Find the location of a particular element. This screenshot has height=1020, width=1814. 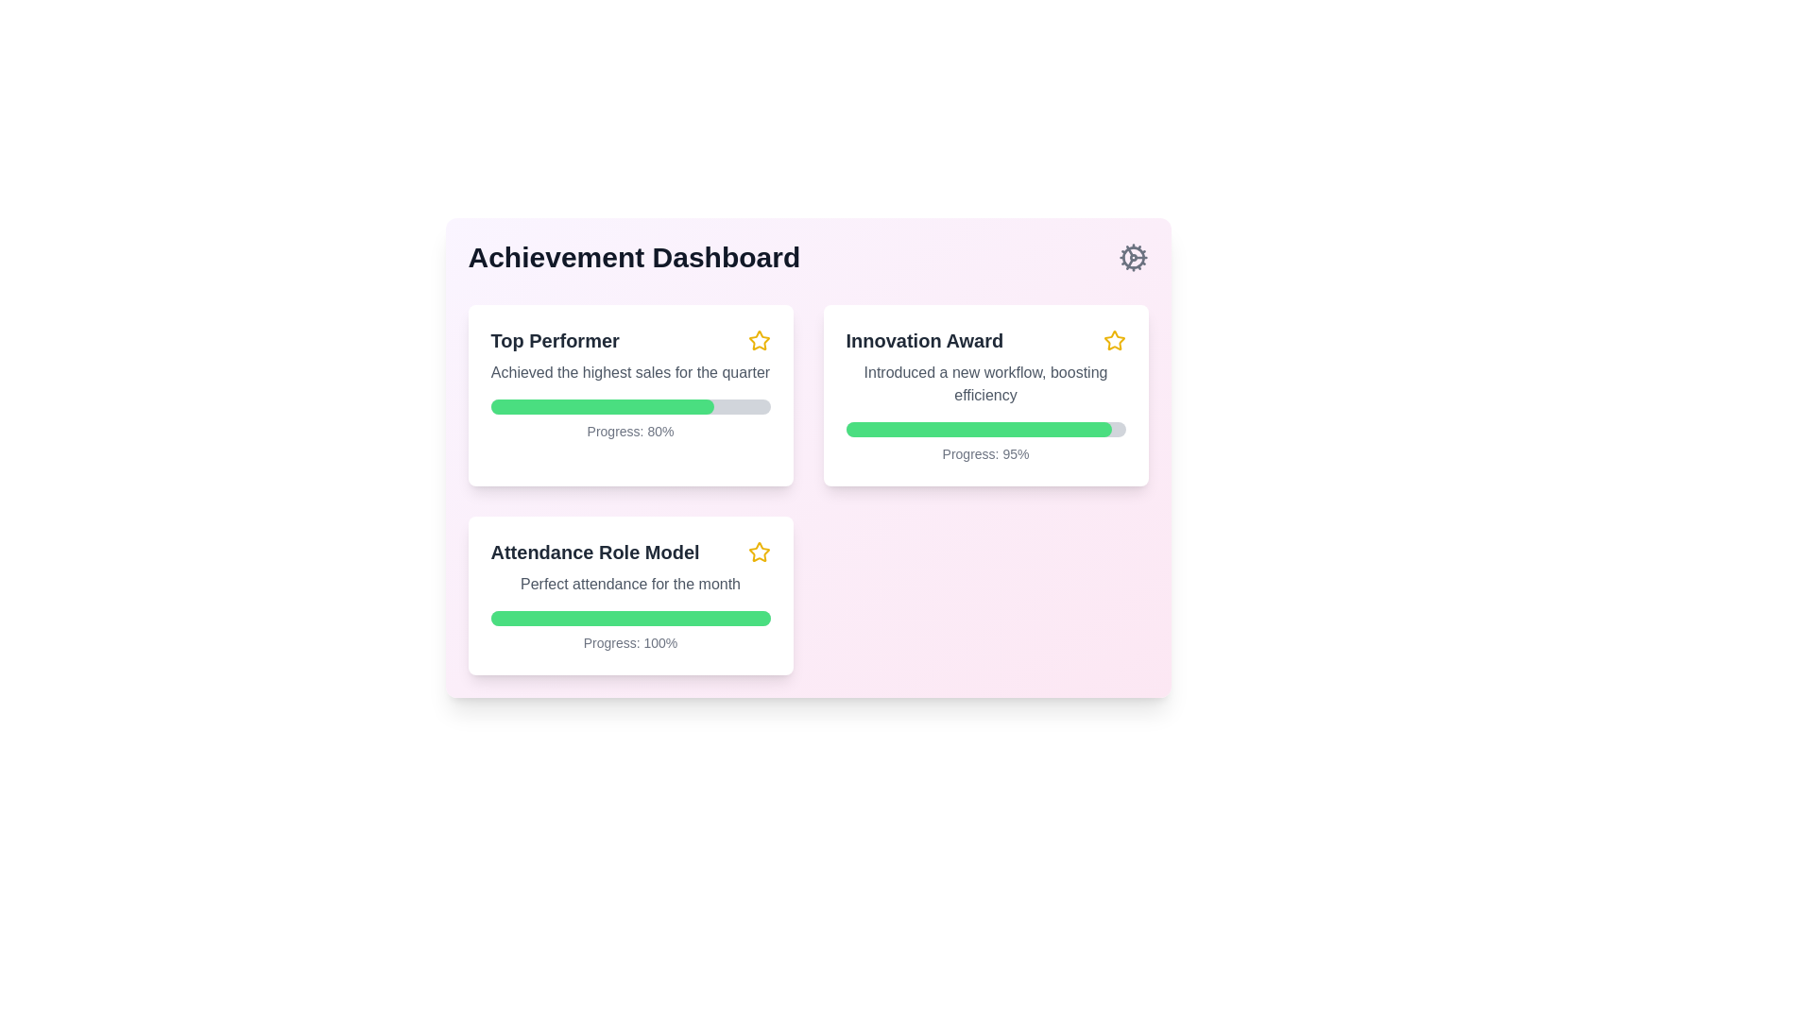

the yellow outlined star-shaped icon in the top-right corner of the 'Innovation Award' card is located at coordinates (759, 552).